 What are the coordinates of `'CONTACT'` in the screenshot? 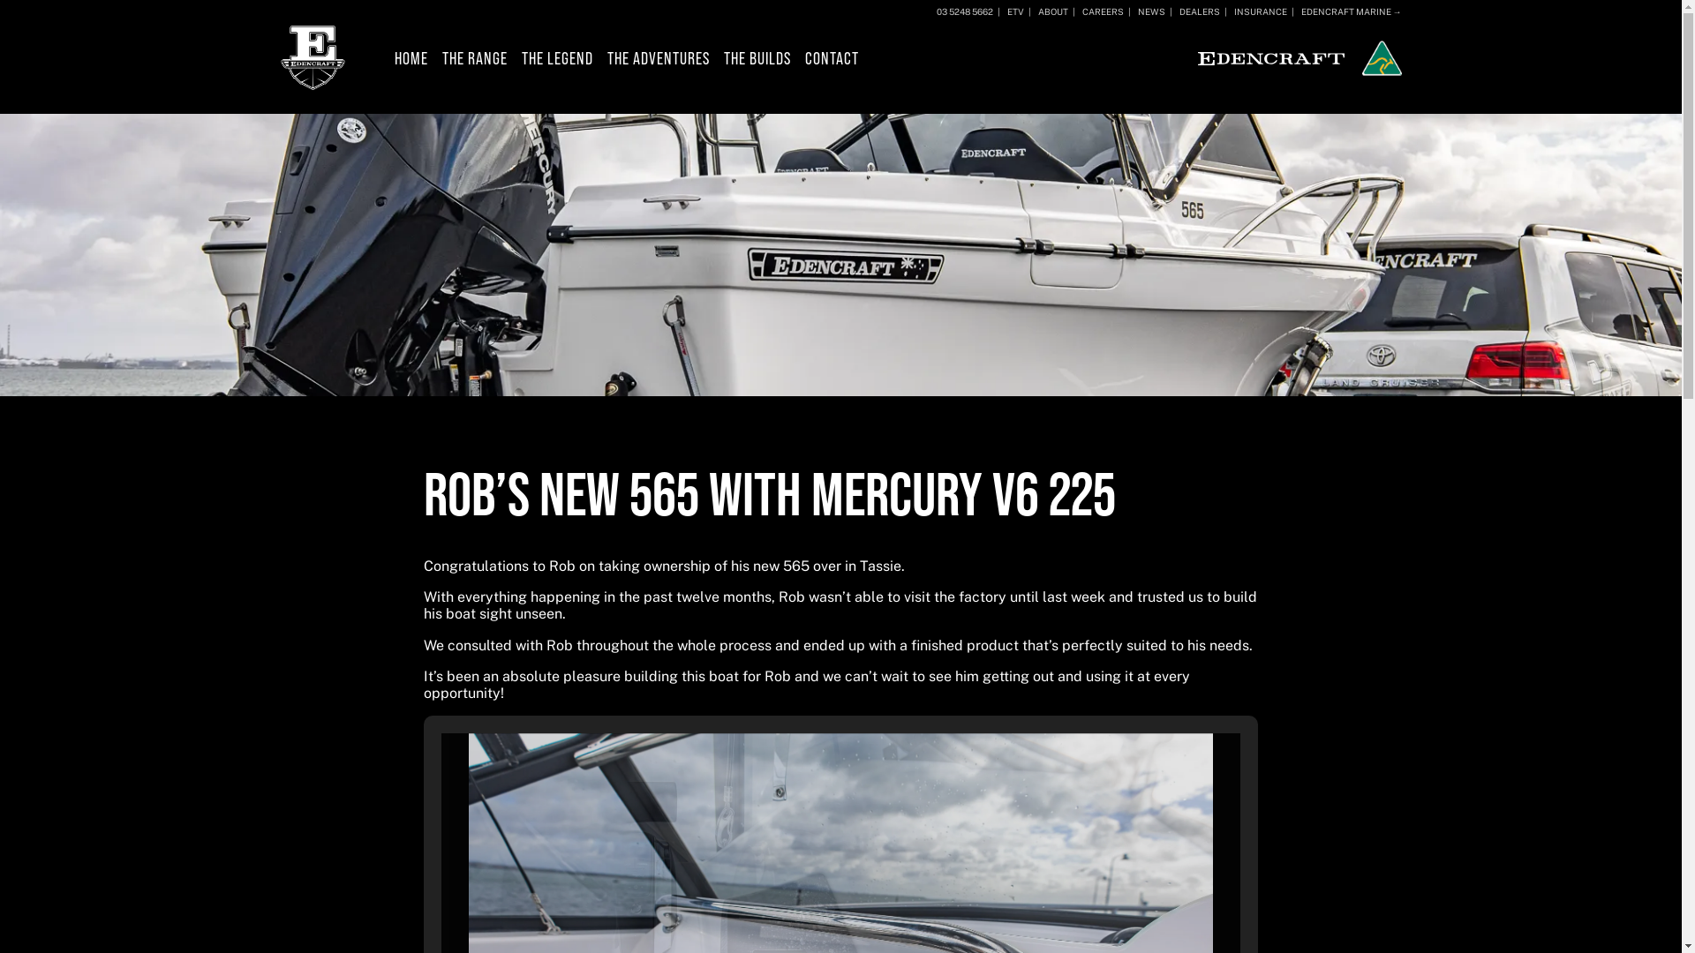 It's located at (831, 56).